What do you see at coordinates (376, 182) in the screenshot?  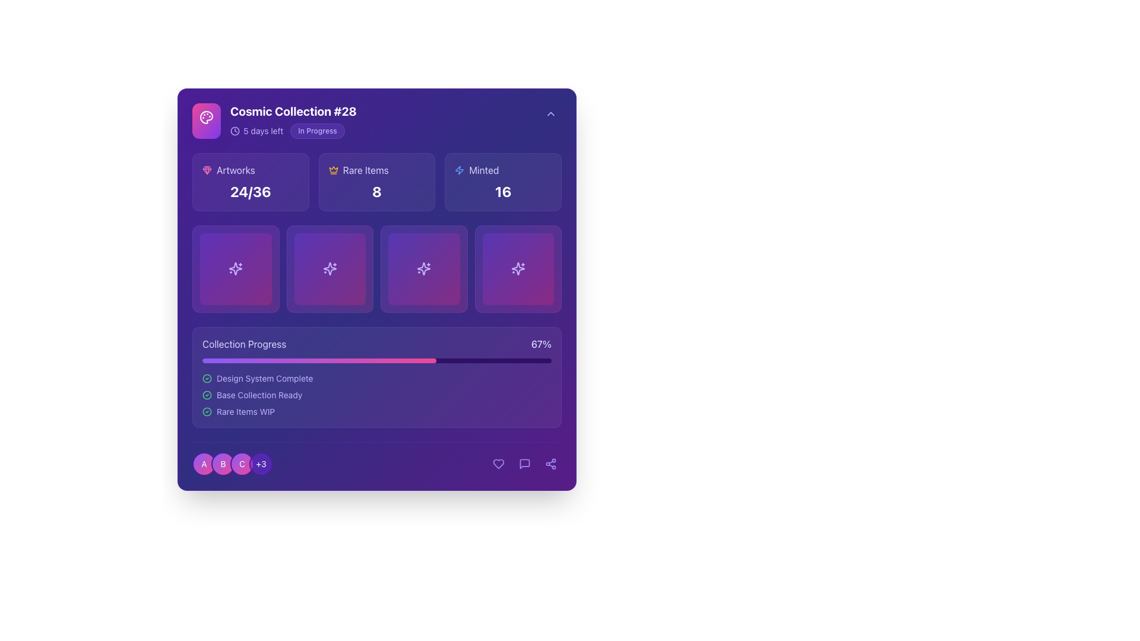 I see `the Data card displaying information about the rarity of items in the collection, located in the second column of a three-column layout` at bounding box center [376, 182].